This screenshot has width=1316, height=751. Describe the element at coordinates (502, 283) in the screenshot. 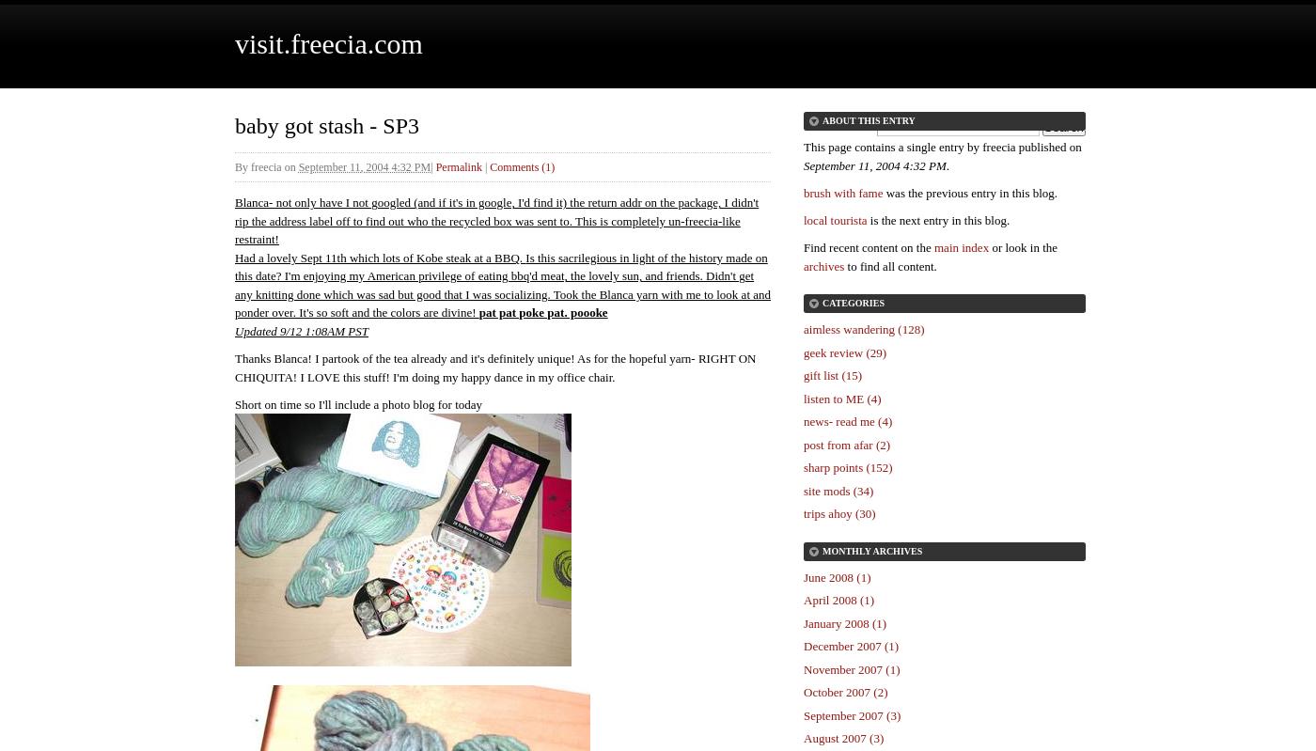

I see `'Is this sacrilegious in light of the history made on this date?  I'm enjoying my American privilege of eating bbq'd meat, the lovely sun, and friends.  Didn't get any knitting done which was sad but good that I was socializing.  Took the Blanca yarn with me to look at and ponder over.  It's so soft and the colors are divine!'` at that location.